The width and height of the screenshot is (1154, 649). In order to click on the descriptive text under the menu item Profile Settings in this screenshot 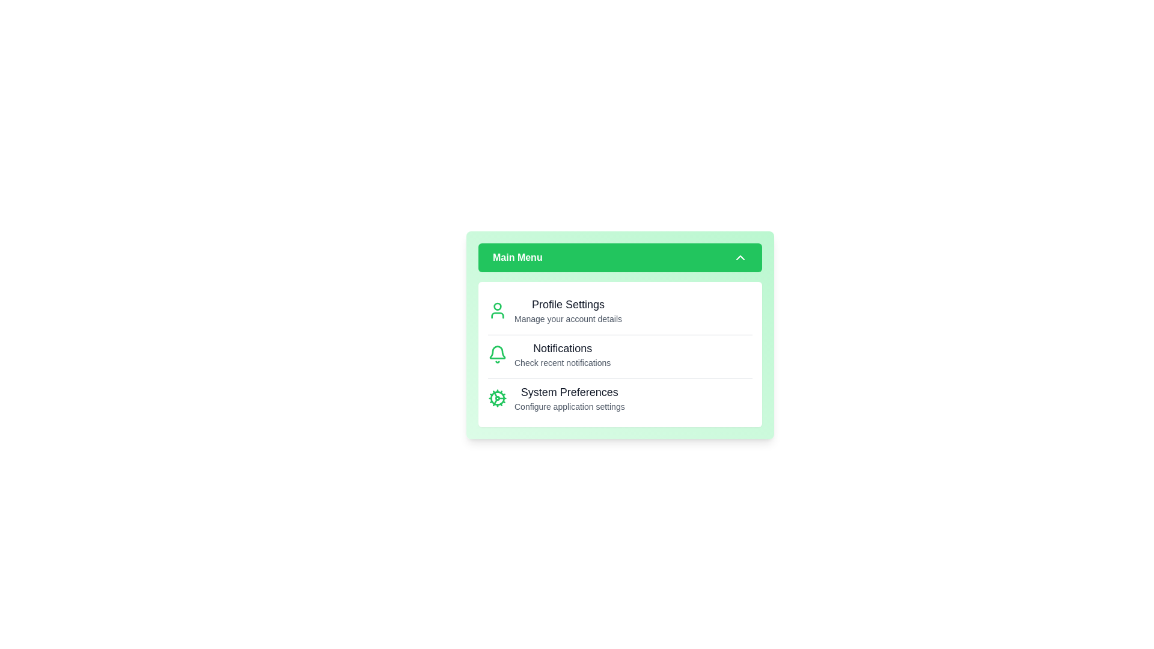, I will do `click(567, 318)`.